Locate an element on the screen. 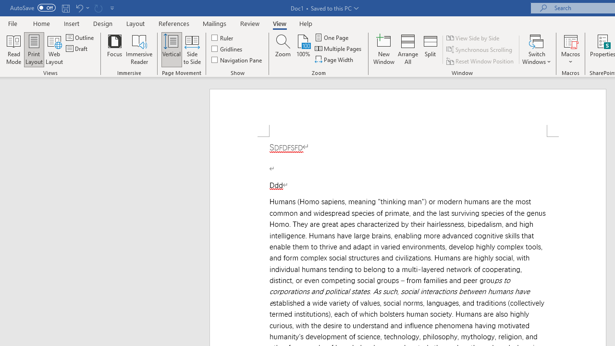  'One Page' is located at coordinates (332, 37).